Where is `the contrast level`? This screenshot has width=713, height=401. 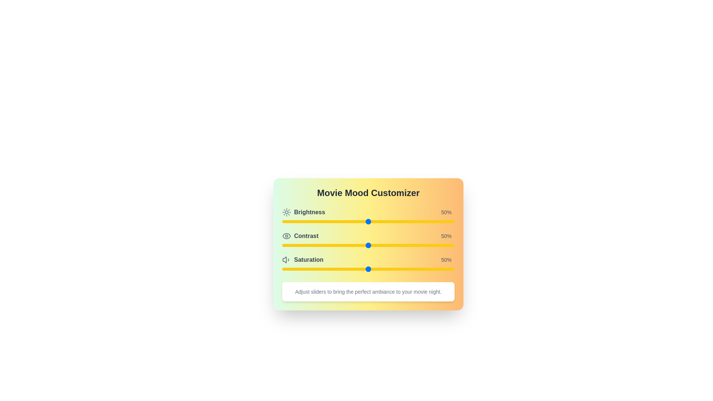
the contrast level is located at coordinates (421, 245).